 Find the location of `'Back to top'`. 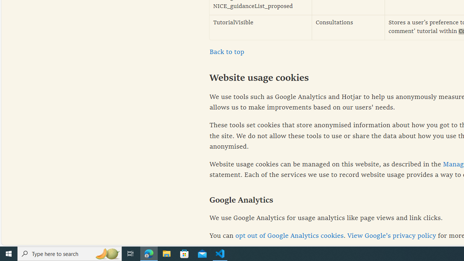

'Back to top' is located at coordinates (226, 52).